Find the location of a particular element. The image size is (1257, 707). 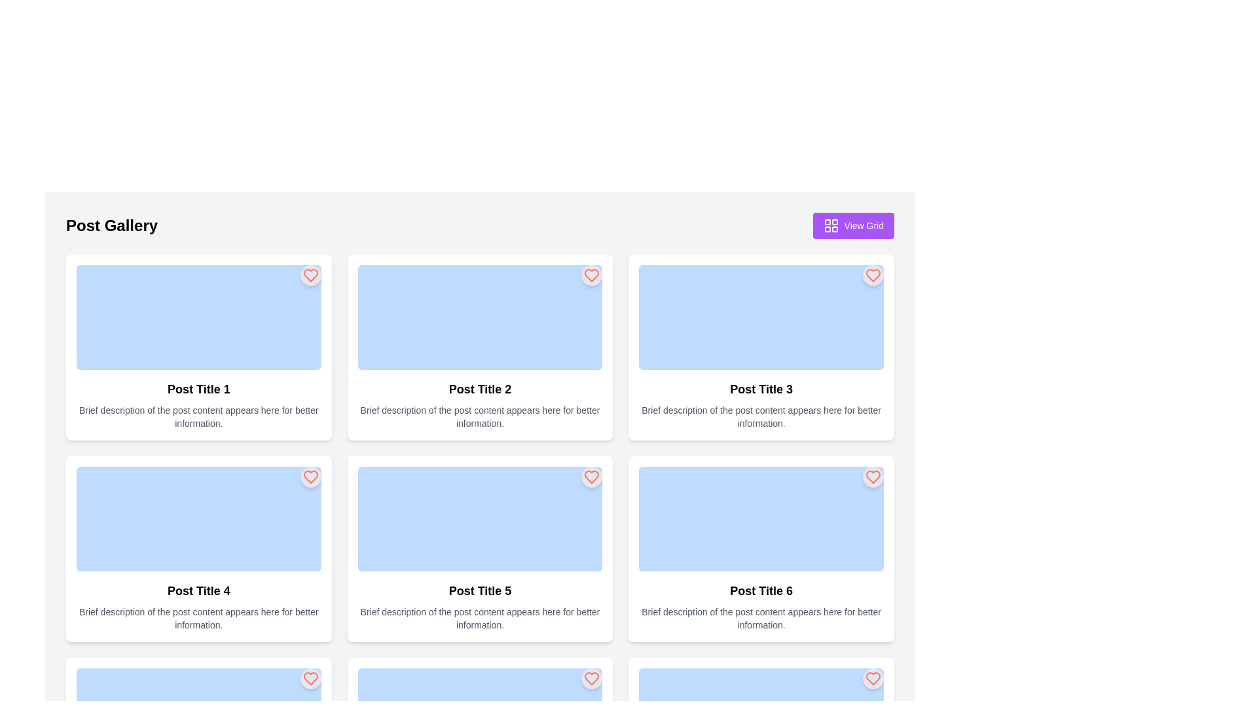

the circular gray button with a red heart icon located at the top-right corner of the 'Post Title 3' card to favorite the post is located at coordinates (873, 274).